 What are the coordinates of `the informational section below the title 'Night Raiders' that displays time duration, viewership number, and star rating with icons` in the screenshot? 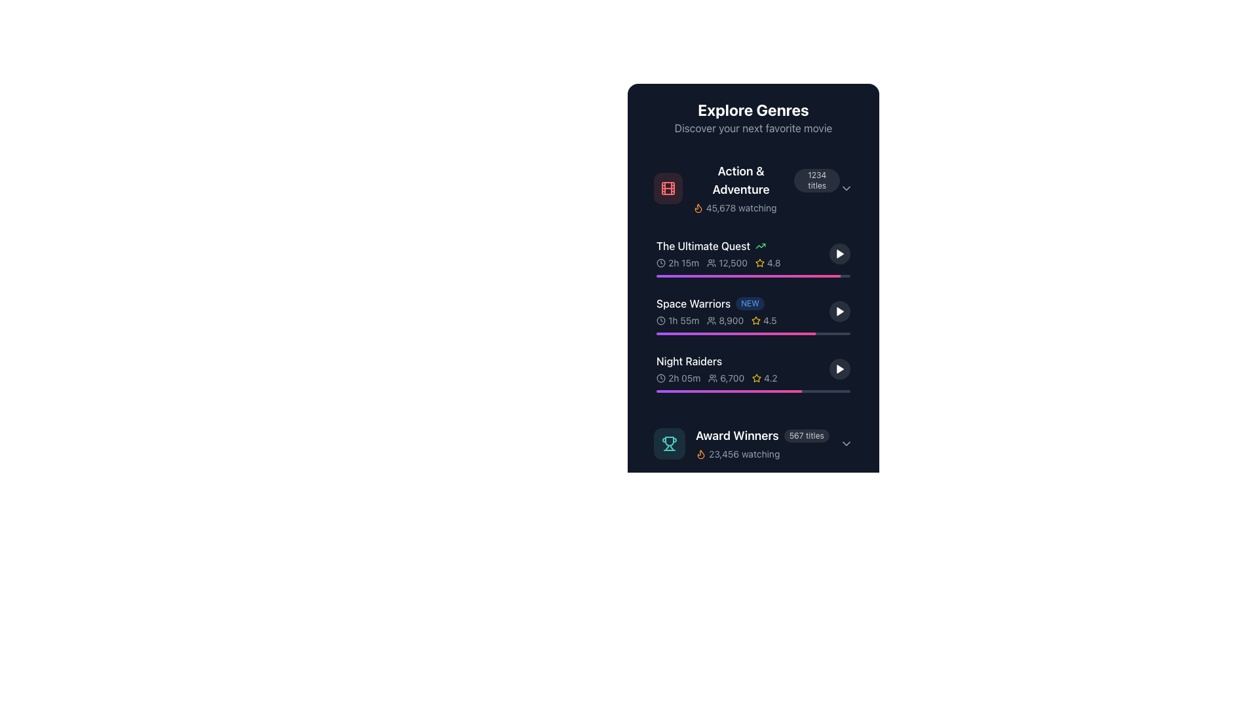 It's located at (742, 378).